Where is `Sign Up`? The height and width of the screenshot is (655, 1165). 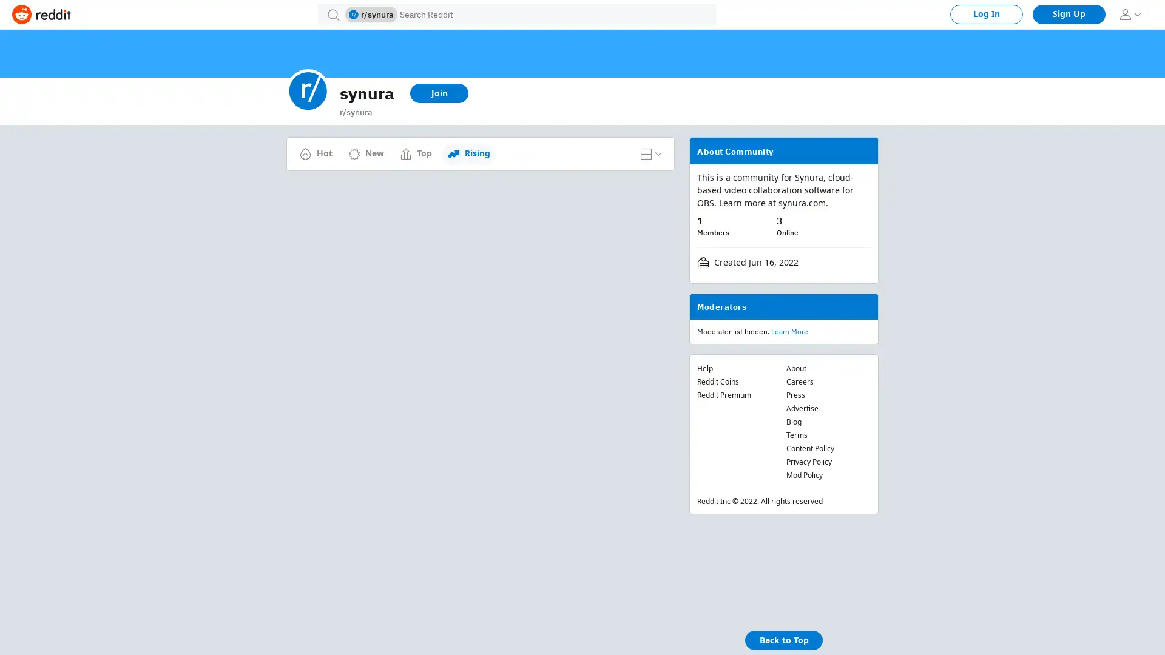
Sign Up is located at coordinates (1069, 14).